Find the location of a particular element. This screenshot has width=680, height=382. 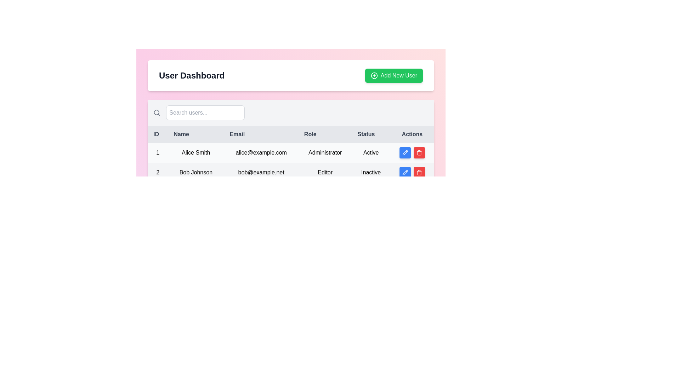

the 'Status' table header is located at coordinates (370, 134).